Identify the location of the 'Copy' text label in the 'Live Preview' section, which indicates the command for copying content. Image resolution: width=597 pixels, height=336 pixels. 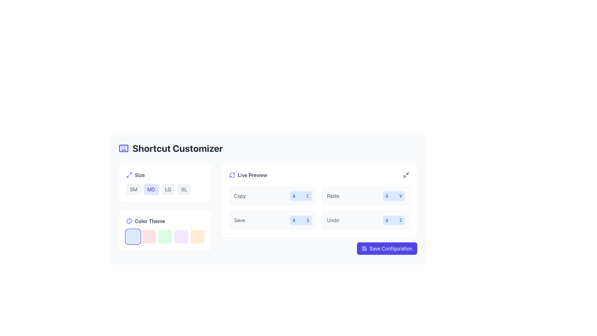
(239, 195).